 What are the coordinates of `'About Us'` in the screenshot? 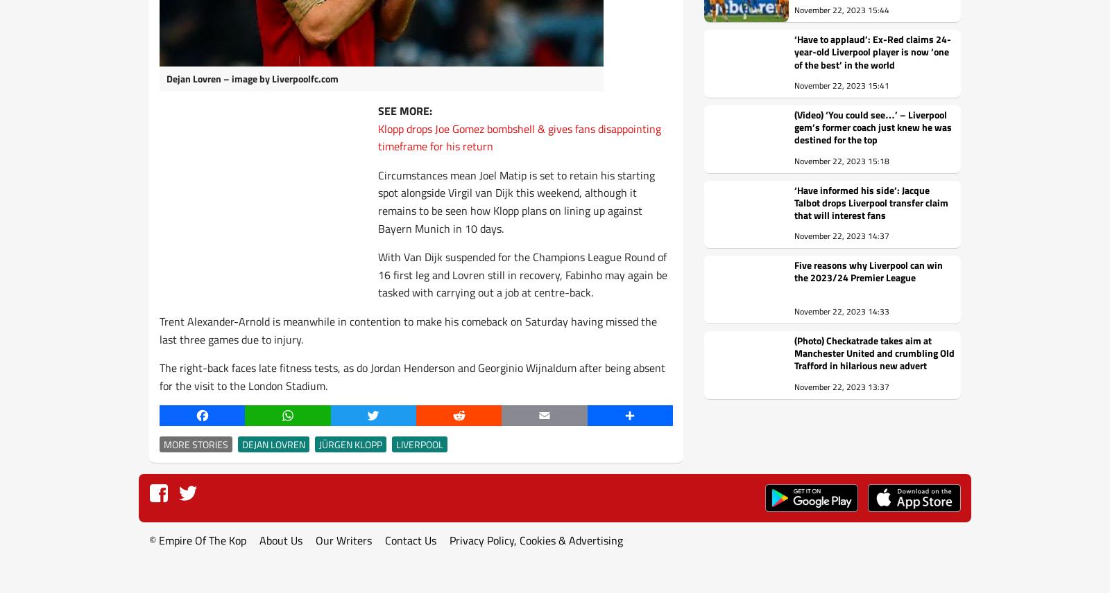 It's located at (259, 538).